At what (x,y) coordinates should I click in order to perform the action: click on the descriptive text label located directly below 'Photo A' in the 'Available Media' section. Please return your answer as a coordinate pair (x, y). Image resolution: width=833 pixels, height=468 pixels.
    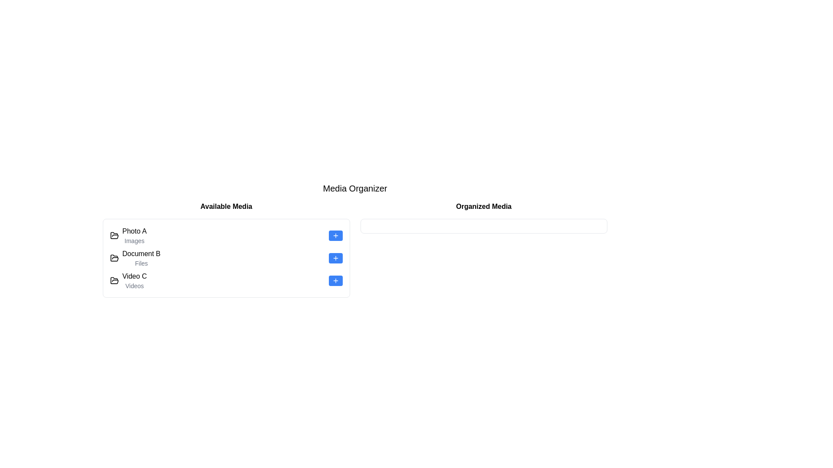
    Looking at the image, I should click on (134, 240).